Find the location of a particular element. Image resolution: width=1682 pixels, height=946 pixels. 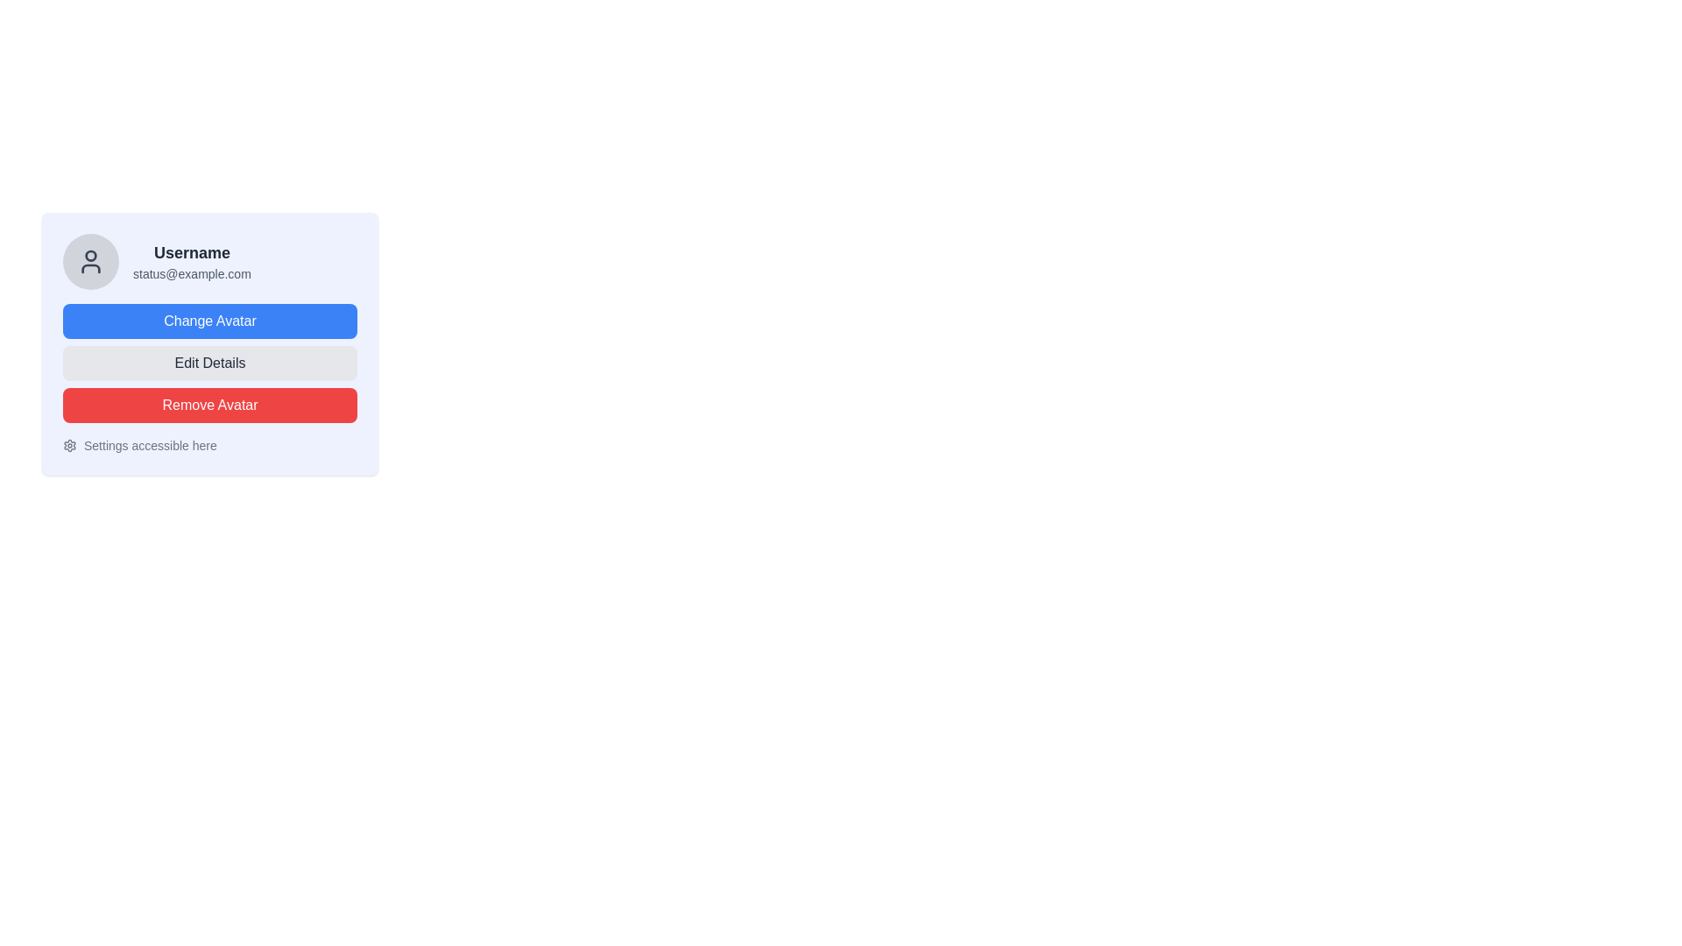

the descriptive label indicating 'Settings accessible here', which is aligned with the gear icon in the profile settings interface is located at coordinates (150, 445).